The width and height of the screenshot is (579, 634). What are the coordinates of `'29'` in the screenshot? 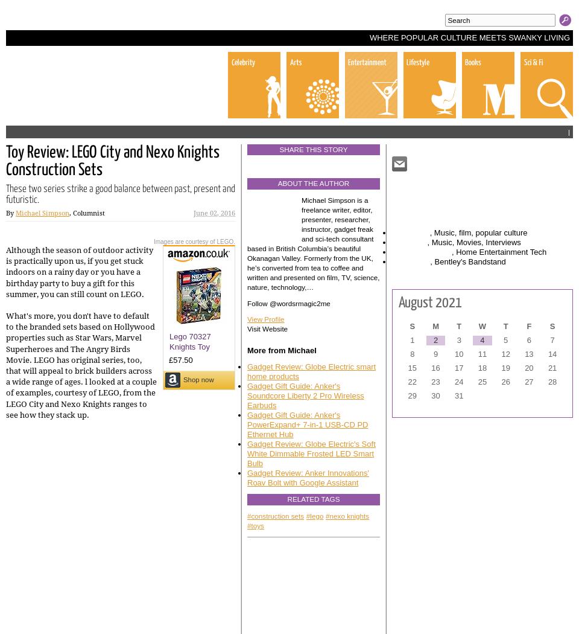 It's located at (412, 394).